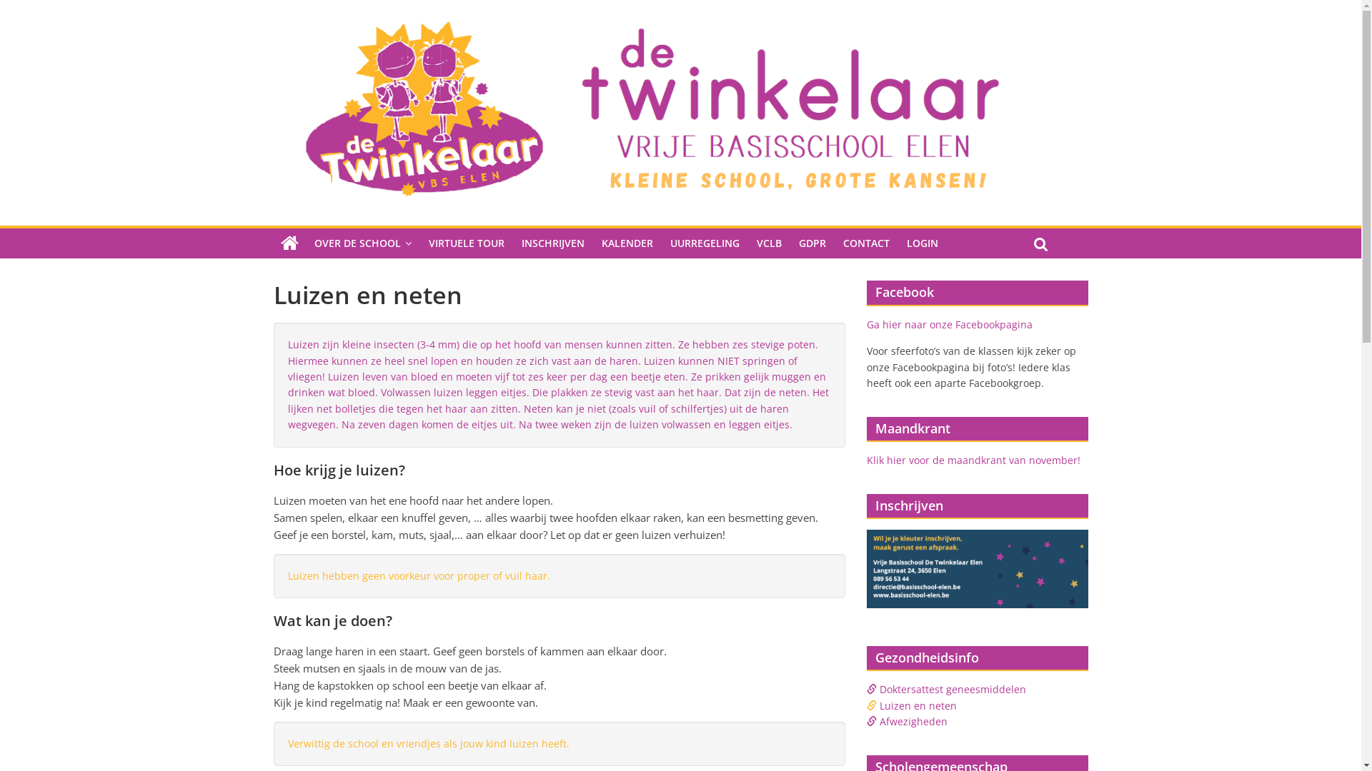  Describe the element at coordinates (972, 460) in the screenshot. I see `'Klik hier voor de maandkrant van november!'` at that location.